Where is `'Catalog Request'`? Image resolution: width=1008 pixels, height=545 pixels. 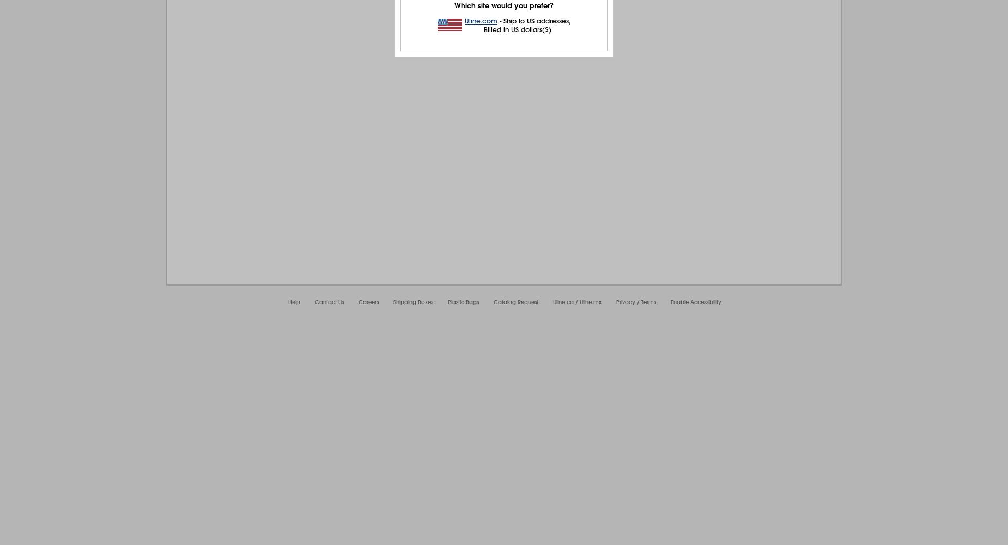 'Catalog Request' is located at coordinates (515, 302).